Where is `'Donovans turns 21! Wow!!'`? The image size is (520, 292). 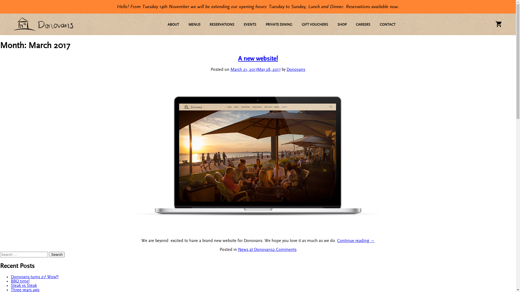 'Donovans turns 21! Wow!!' is located at coordinates (34, 277).